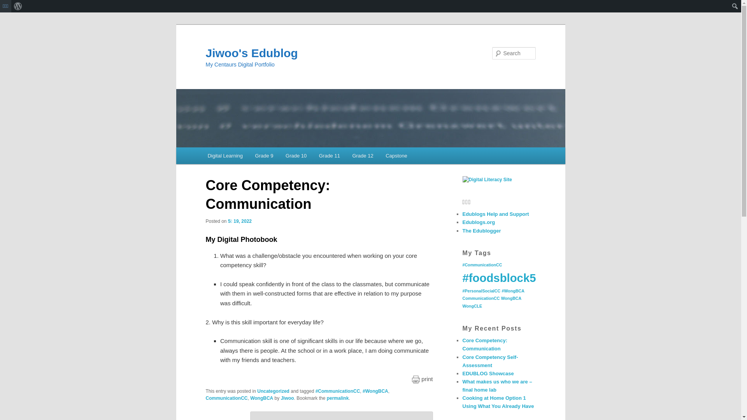  What do you see at coordinates (264, 156) in the screenshot?
I see `'Grade 9'` at bounding box center [264, 156].